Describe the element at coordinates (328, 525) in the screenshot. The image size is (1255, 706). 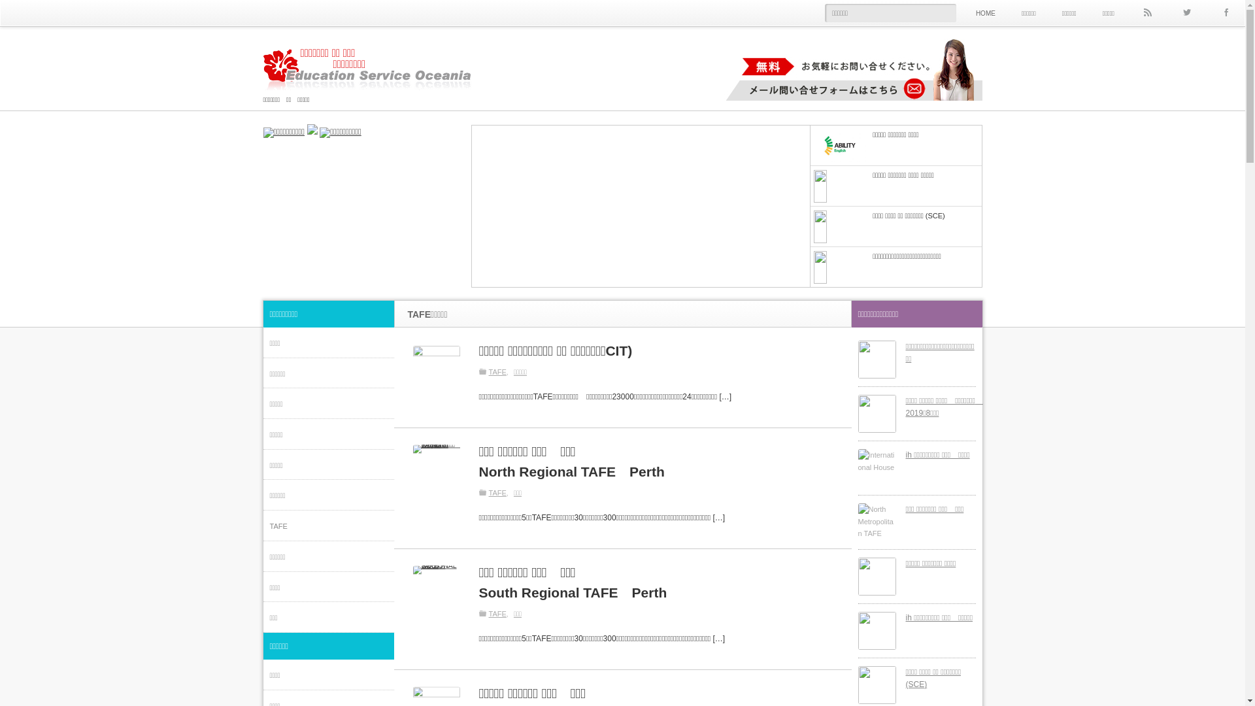
I see `'TAFE'` at that location.